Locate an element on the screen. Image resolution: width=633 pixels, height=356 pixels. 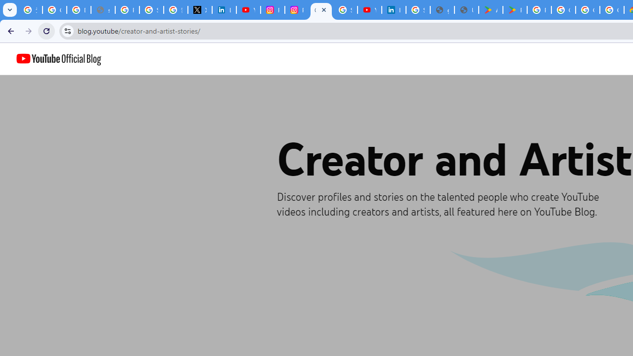
'Android Apps on Google Play' is located at coordinates (491, 10).